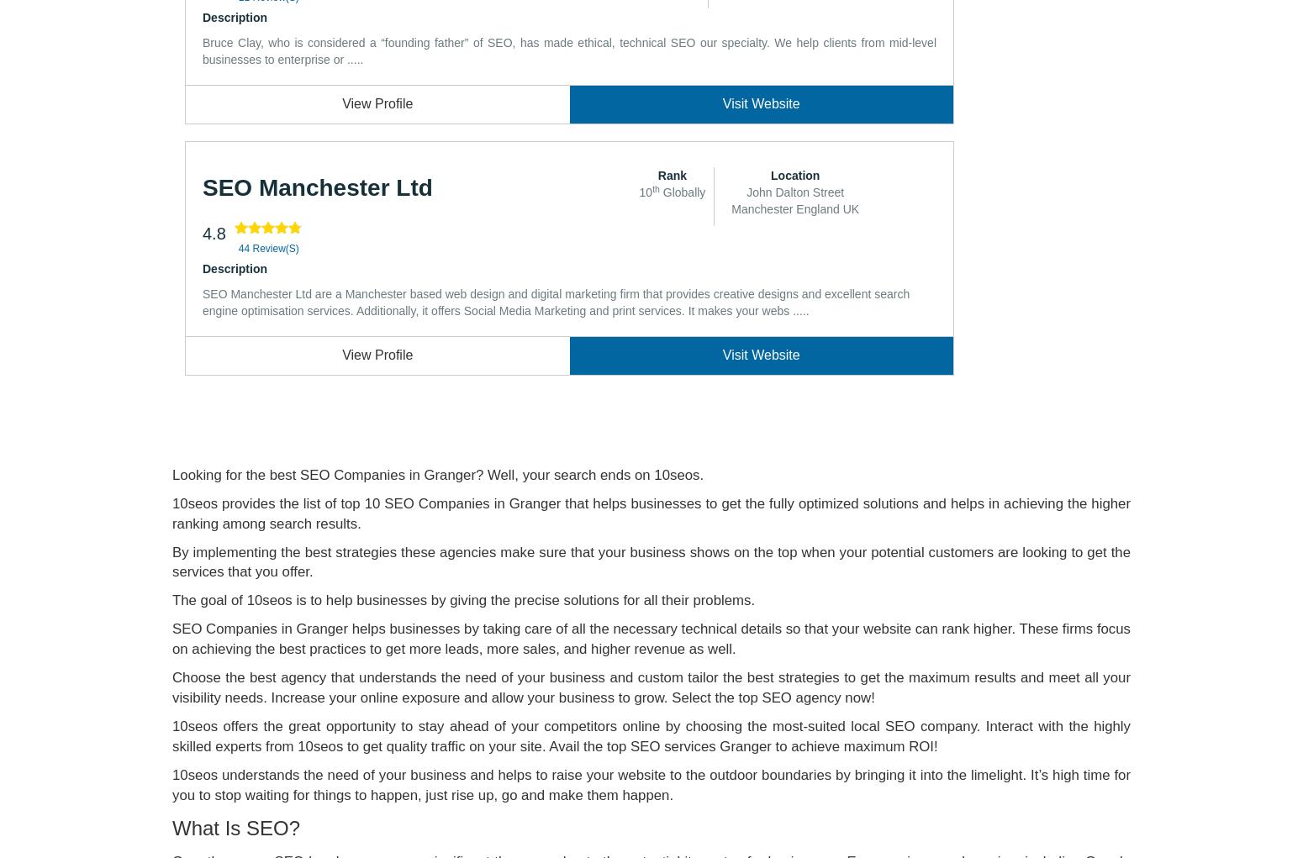 This screenshot has height=858, width=1303. What do you see at coordinates (171, 687) in the screenshot?
I see `'Choose the best agency that understands the need of your business and custom tailor the best strategies to get the maximum results and meet all your visibility needs. Increase your online exposure and allow your business to grow. Select the top SEO agency now!'` at bounding box center [171, 687].